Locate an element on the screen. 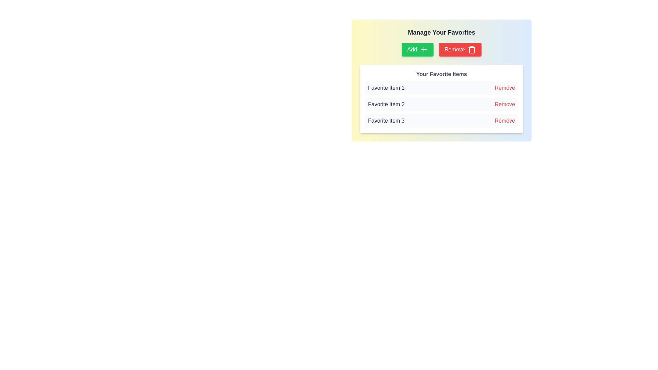  the 'Remove' button styled with red text located at the far right of the third row in the 'Your Favorite Items' section to change its color is located at coordinates (505, 121).